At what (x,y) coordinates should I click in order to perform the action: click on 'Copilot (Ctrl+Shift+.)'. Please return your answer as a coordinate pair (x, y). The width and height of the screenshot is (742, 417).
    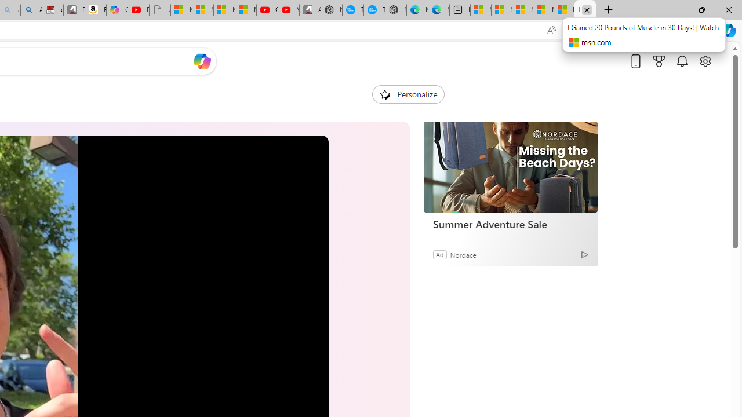
    Looking at the image, I should click on (729, 30).